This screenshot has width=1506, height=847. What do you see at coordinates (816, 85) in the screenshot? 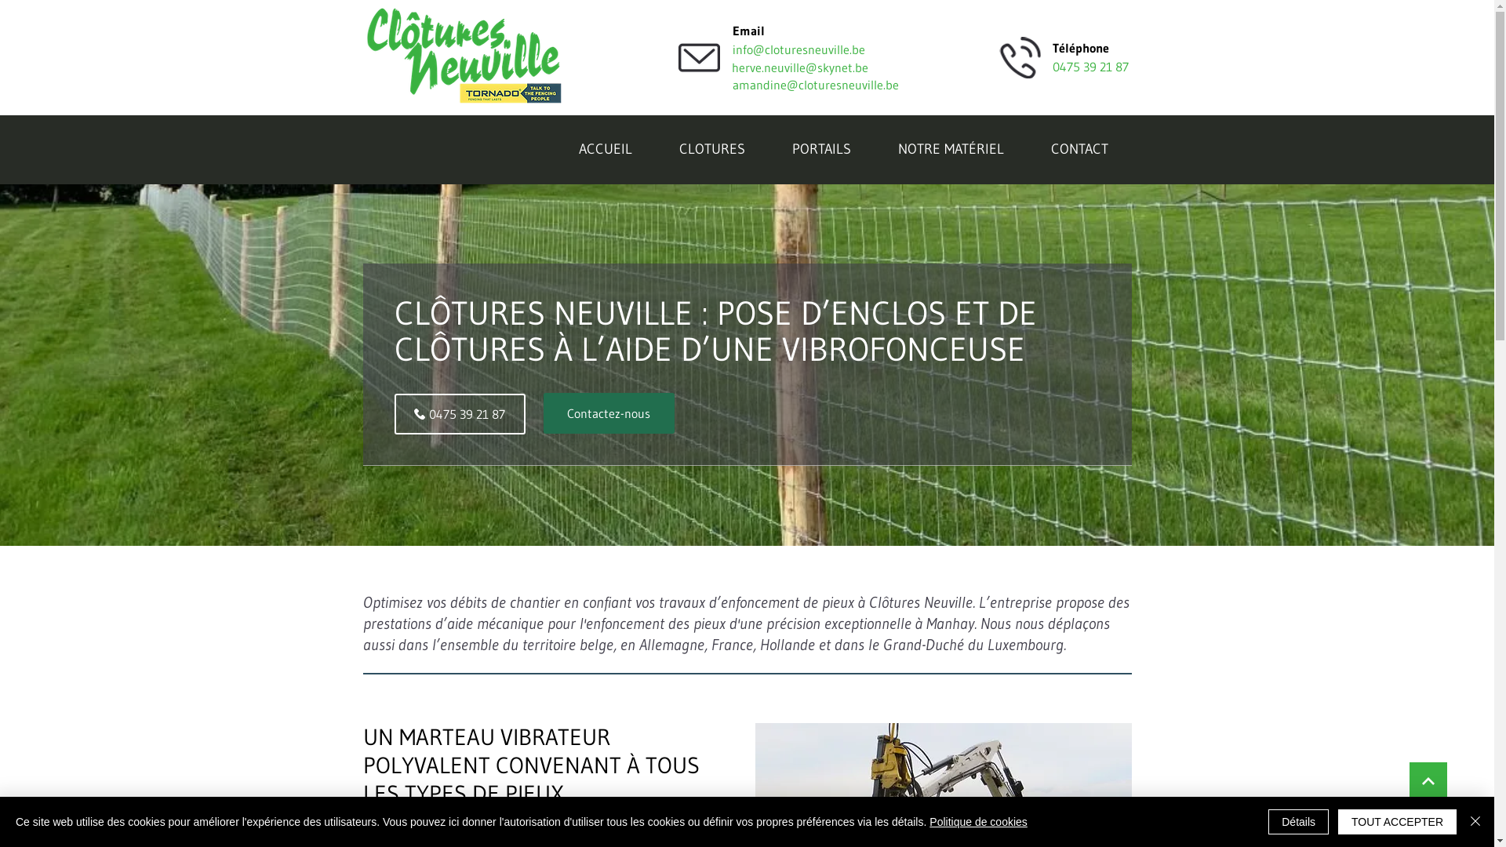
I see `'amandine@cloturesneuville.be'` at bounding box center [816, 85].